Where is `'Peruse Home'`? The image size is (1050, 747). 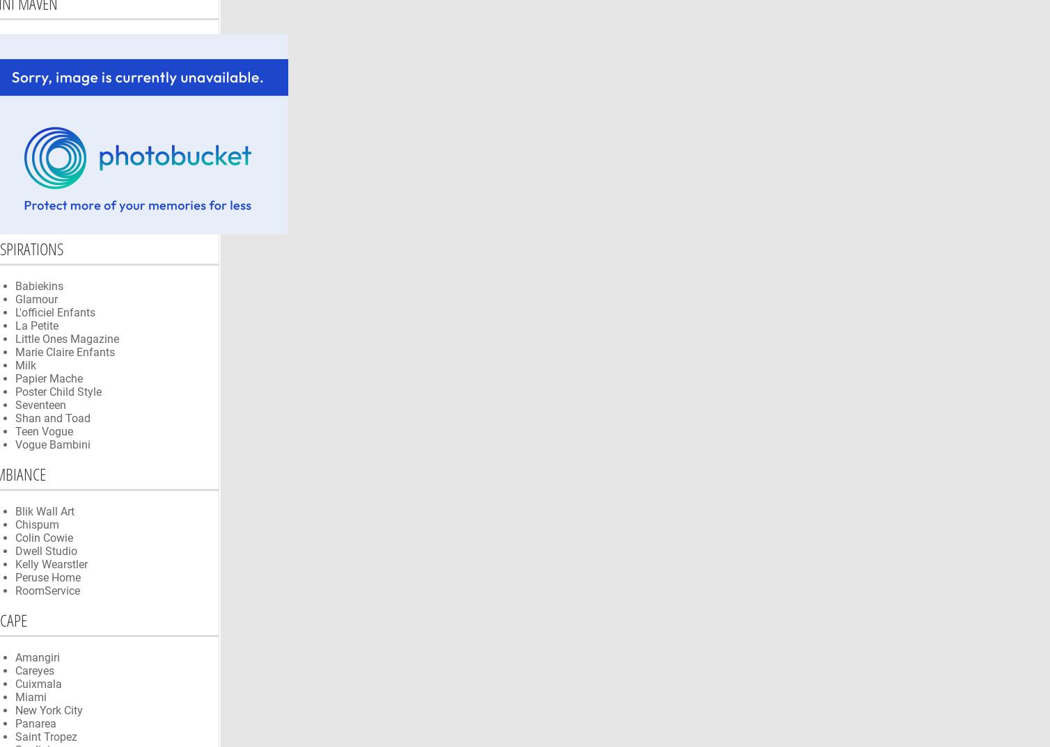
'Peruse Home' is located at coordinates (48, 577).